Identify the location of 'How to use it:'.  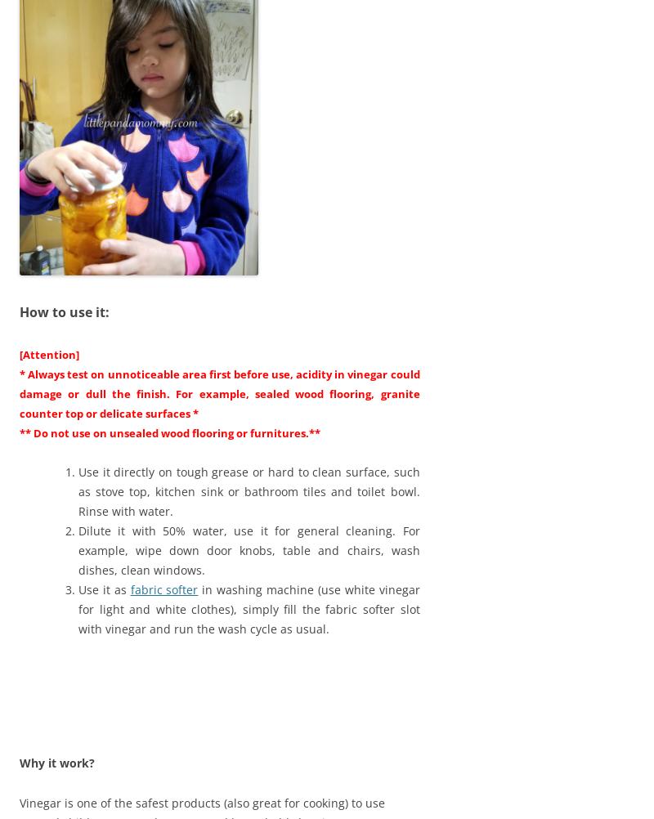
(65, 311).